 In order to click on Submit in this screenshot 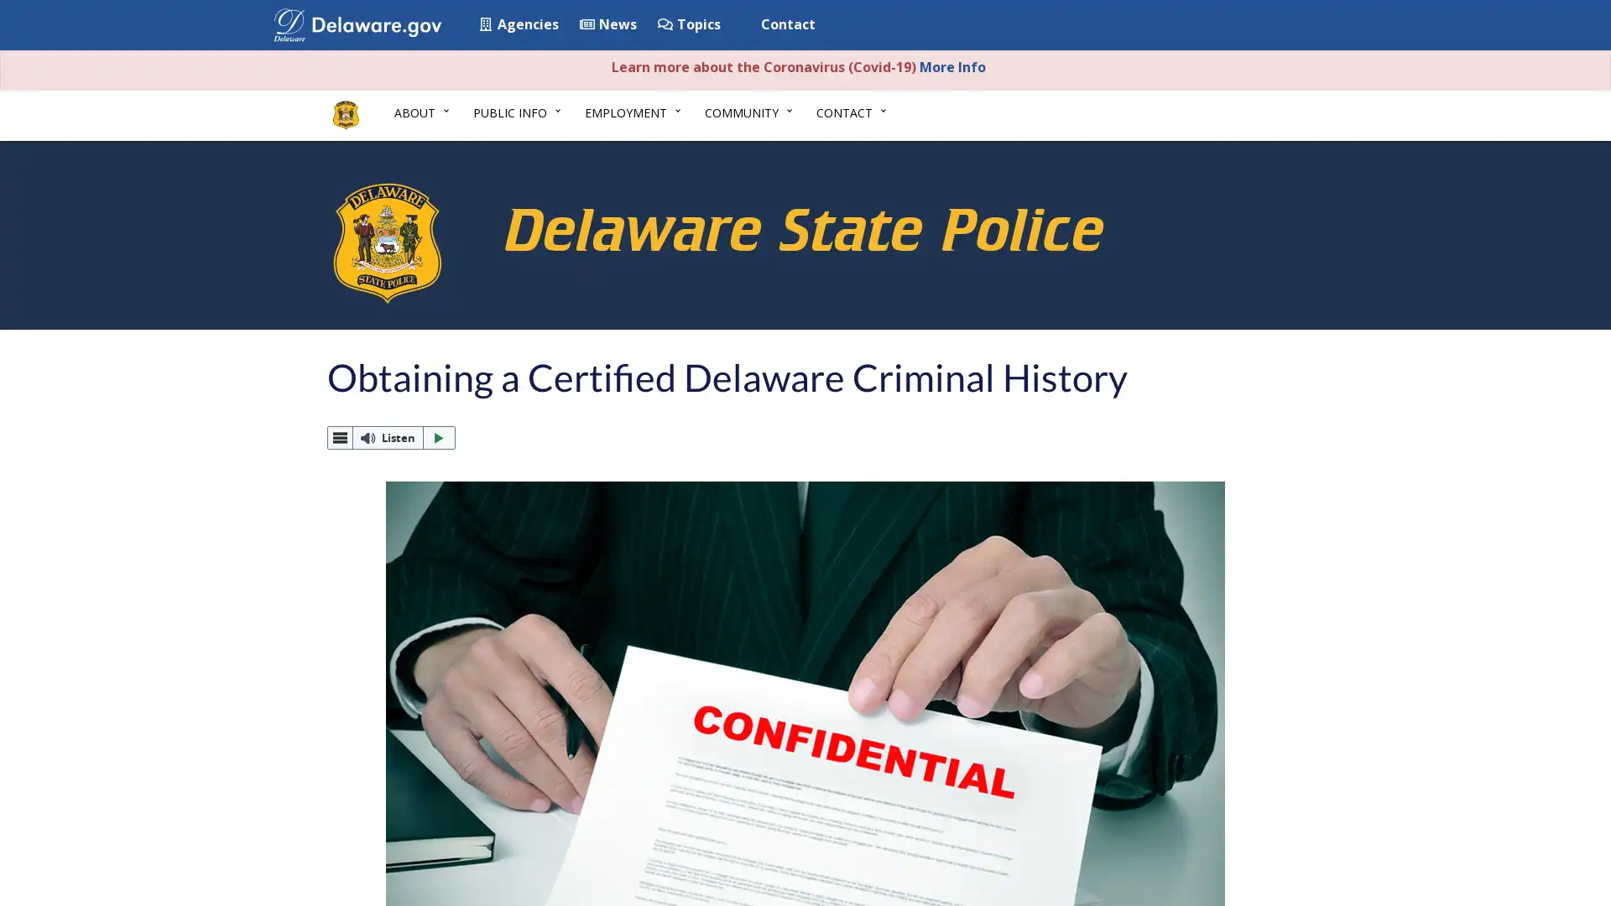, I will do `click(1278, 26)`.